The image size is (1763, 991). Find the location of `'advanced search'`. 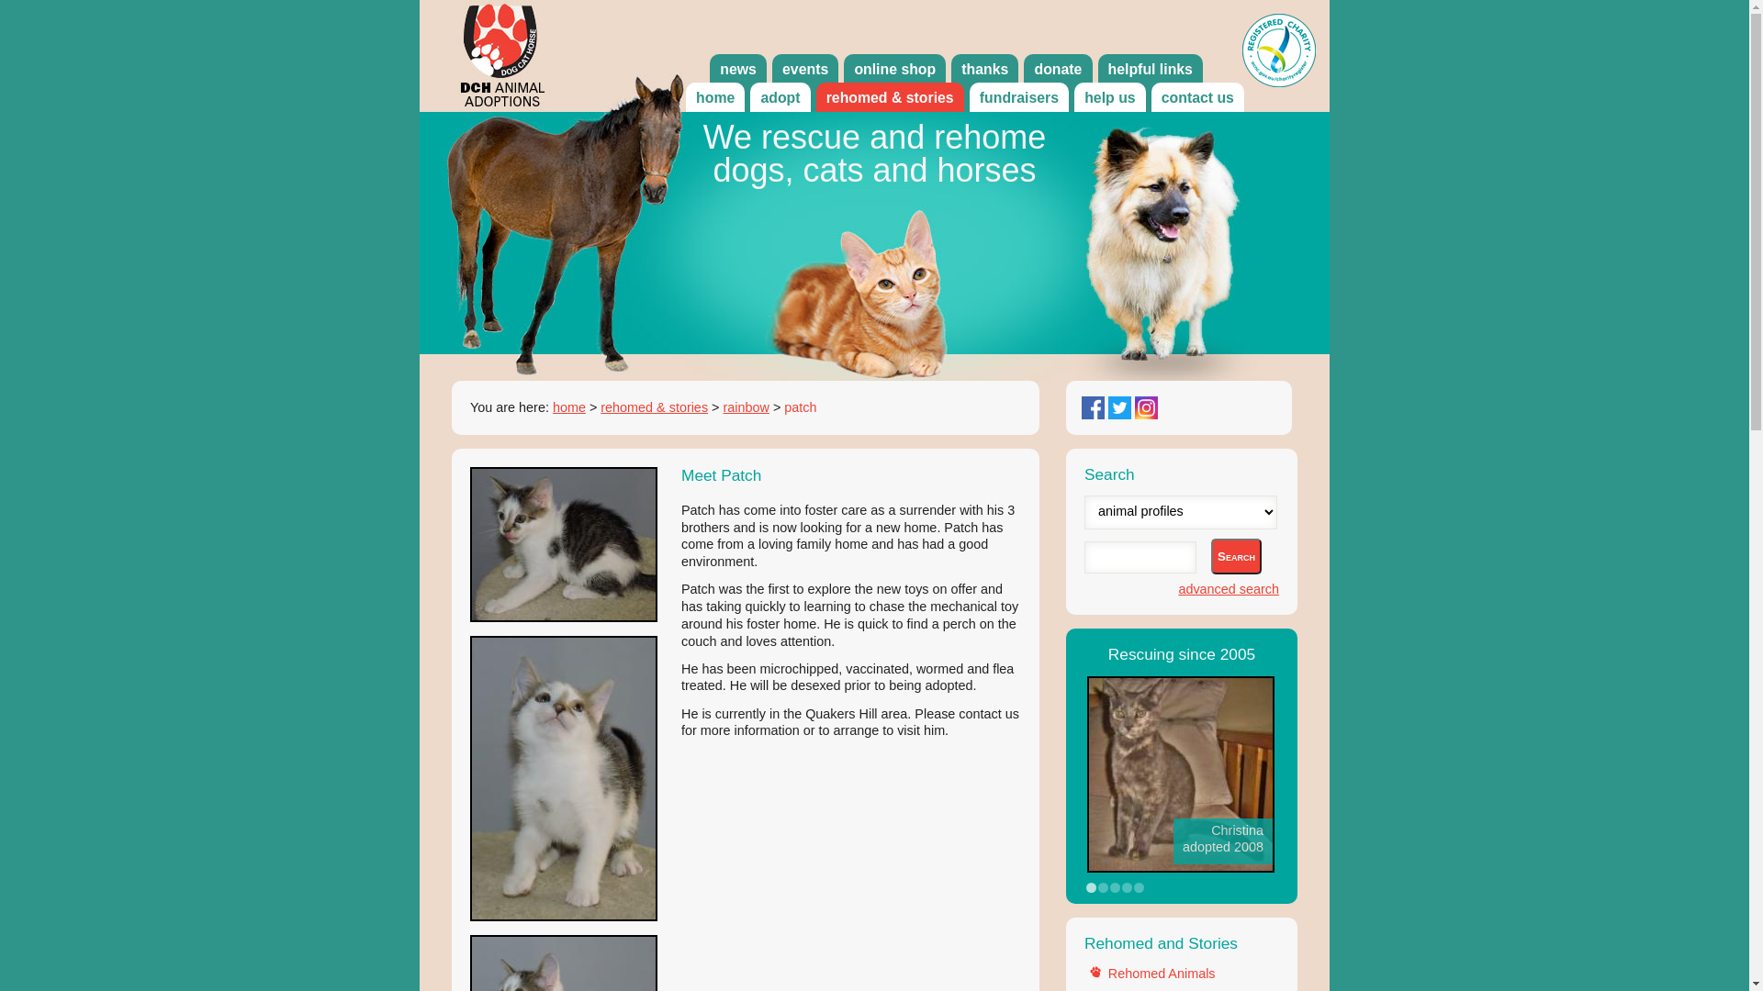

'advanced search' is located at coordinates (1229, 588).